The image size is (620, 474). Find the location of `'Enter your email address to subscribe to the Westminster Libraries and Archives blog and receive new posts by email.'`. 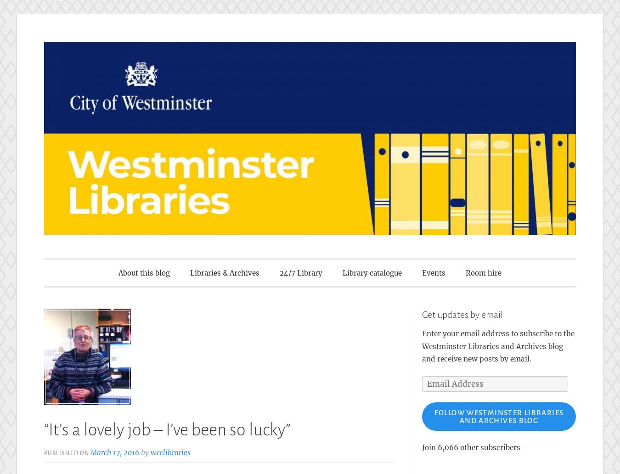

'Enter your email address to subscribe to the Westminster Libraries and Archives blog and receive new posts by email.' is located at coordinates (498, 345).